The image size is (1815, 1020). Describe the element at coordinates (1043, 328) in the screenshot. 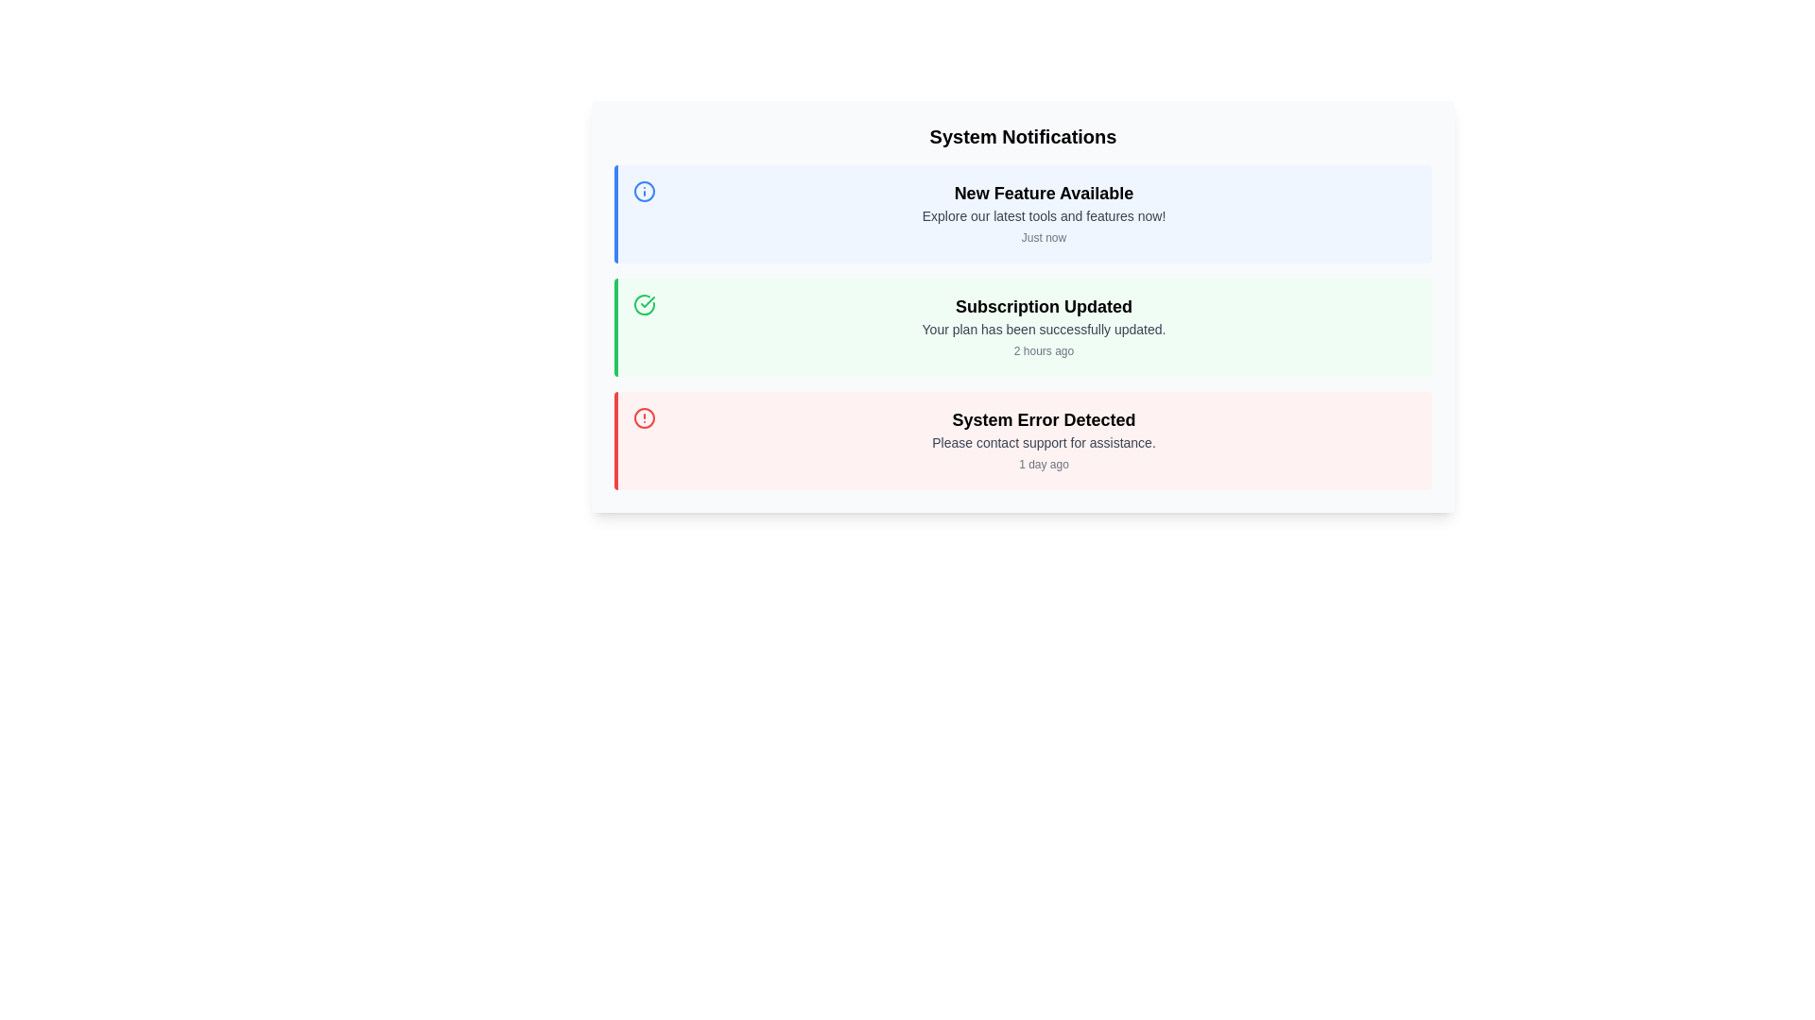

I see `the text label that reads 'Your plan has been successfully updated.'` at that location.